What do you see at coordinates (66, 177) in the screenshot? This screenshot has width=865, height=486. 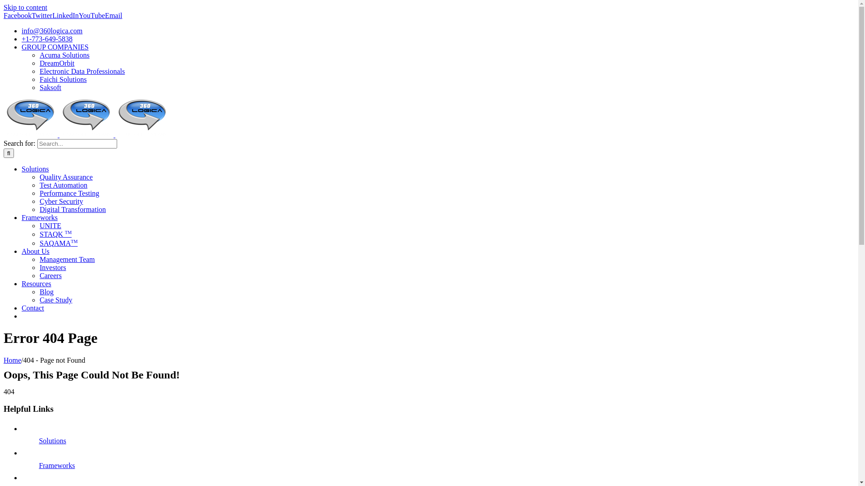 I see `'Quality Assurance'` at bounding box center [66, 177].